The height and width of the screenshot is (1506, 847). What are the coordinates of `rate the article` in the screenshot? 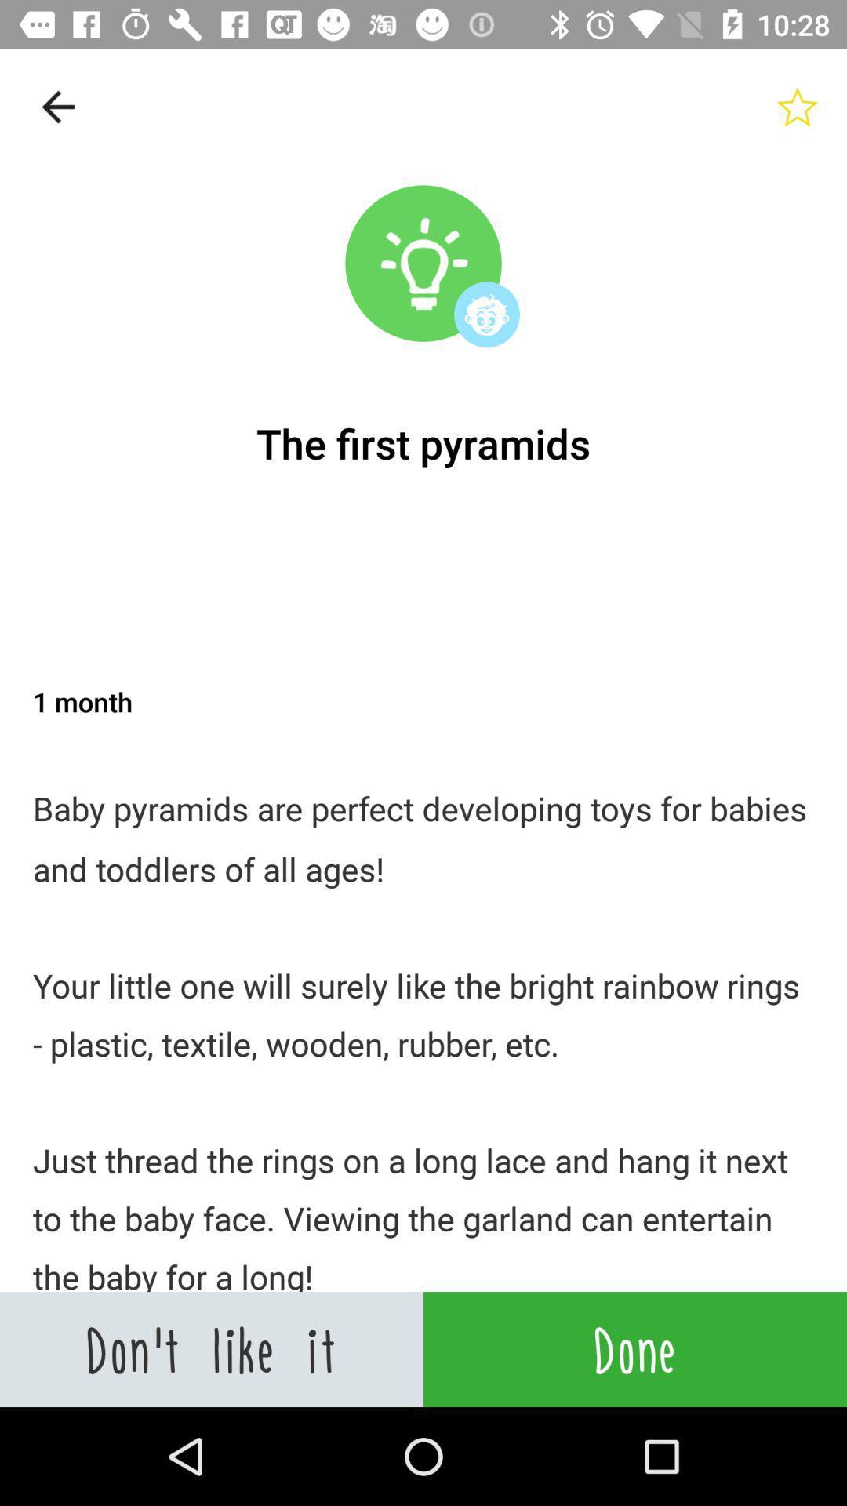 It's located at (798, 106).